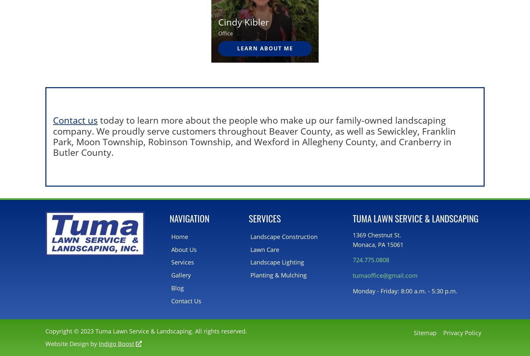  Describe the element at coordinates (177, 287) in the screenshot. I see `'Blog'` at that location.